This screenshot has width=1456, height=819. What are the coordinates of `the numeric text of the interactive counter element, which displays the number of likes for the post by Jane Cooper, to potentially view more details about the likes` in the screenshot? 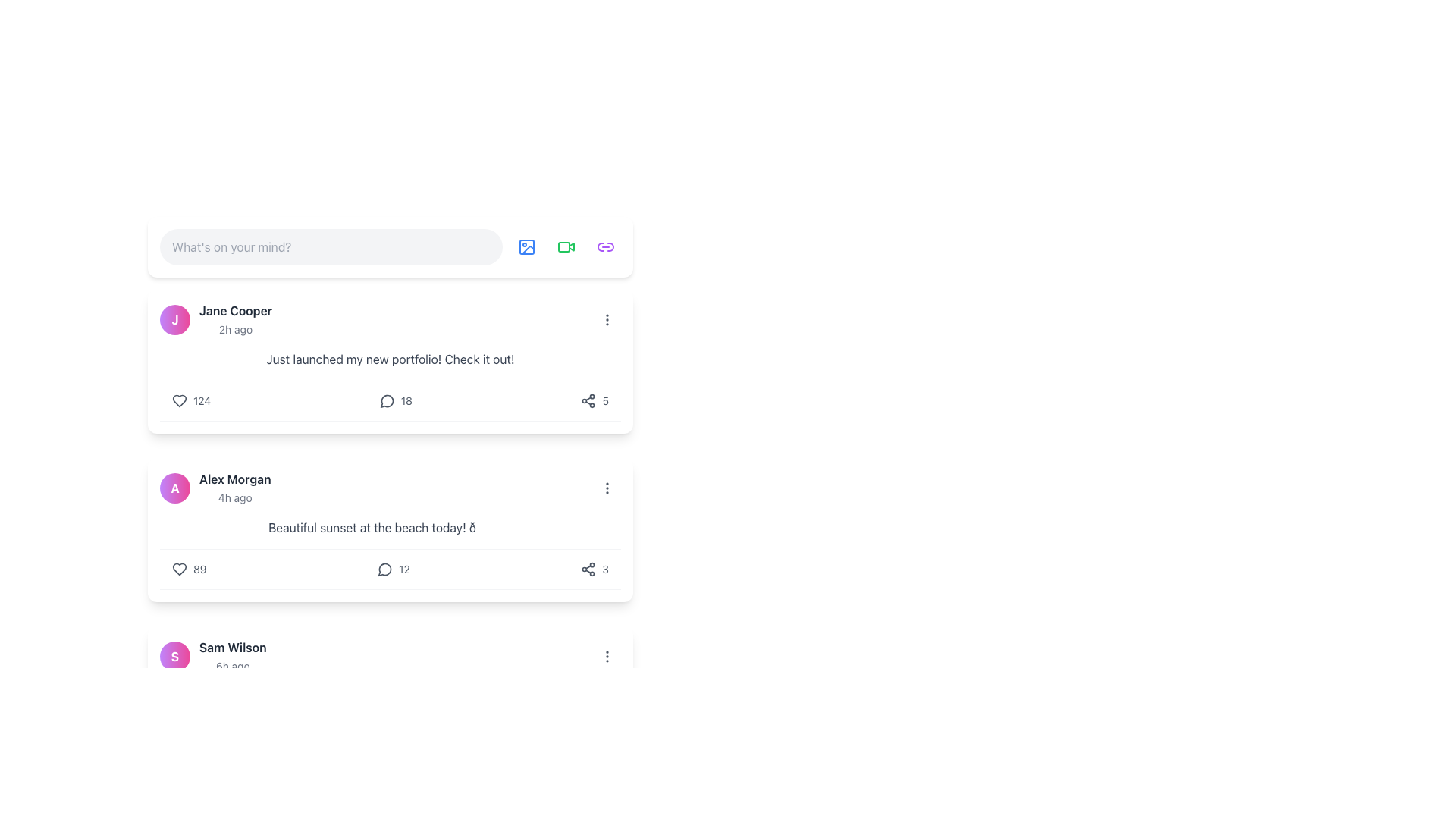 It's located at (190, 400).